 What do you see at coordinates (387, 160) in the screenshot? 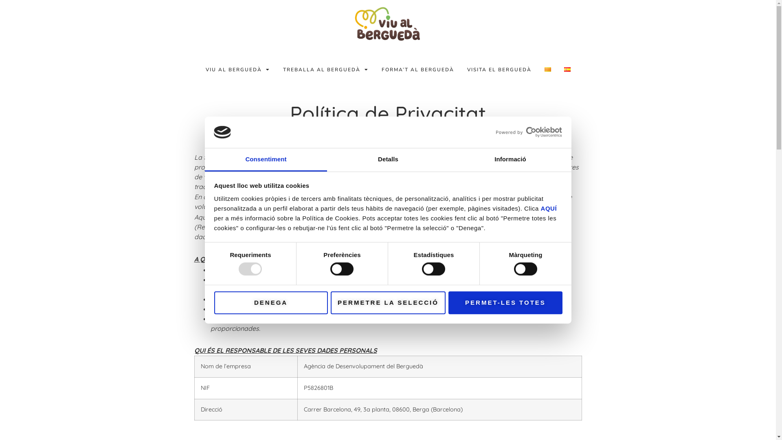
I see `'Detalls'` at bounding box center [387, 160].